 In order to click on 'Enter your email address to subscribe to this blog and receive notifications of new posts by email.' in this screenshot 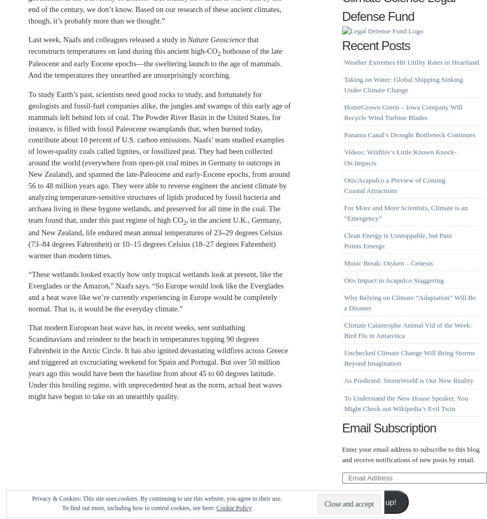, I will do `click(410, 454)`.